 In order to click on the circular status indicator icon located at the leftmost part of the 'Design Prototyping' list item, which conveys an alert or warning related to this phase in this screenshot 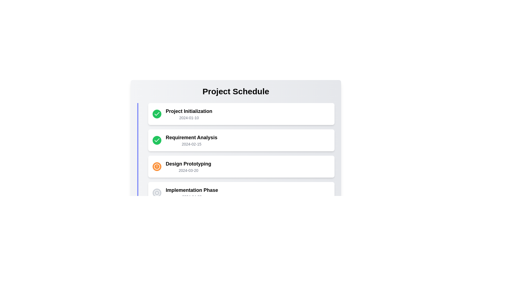, I will do `click(156, 166)`.